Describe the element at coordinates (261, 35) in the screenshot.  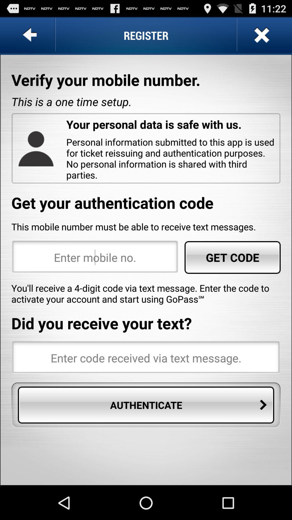
I see `item next to register item` at that location.